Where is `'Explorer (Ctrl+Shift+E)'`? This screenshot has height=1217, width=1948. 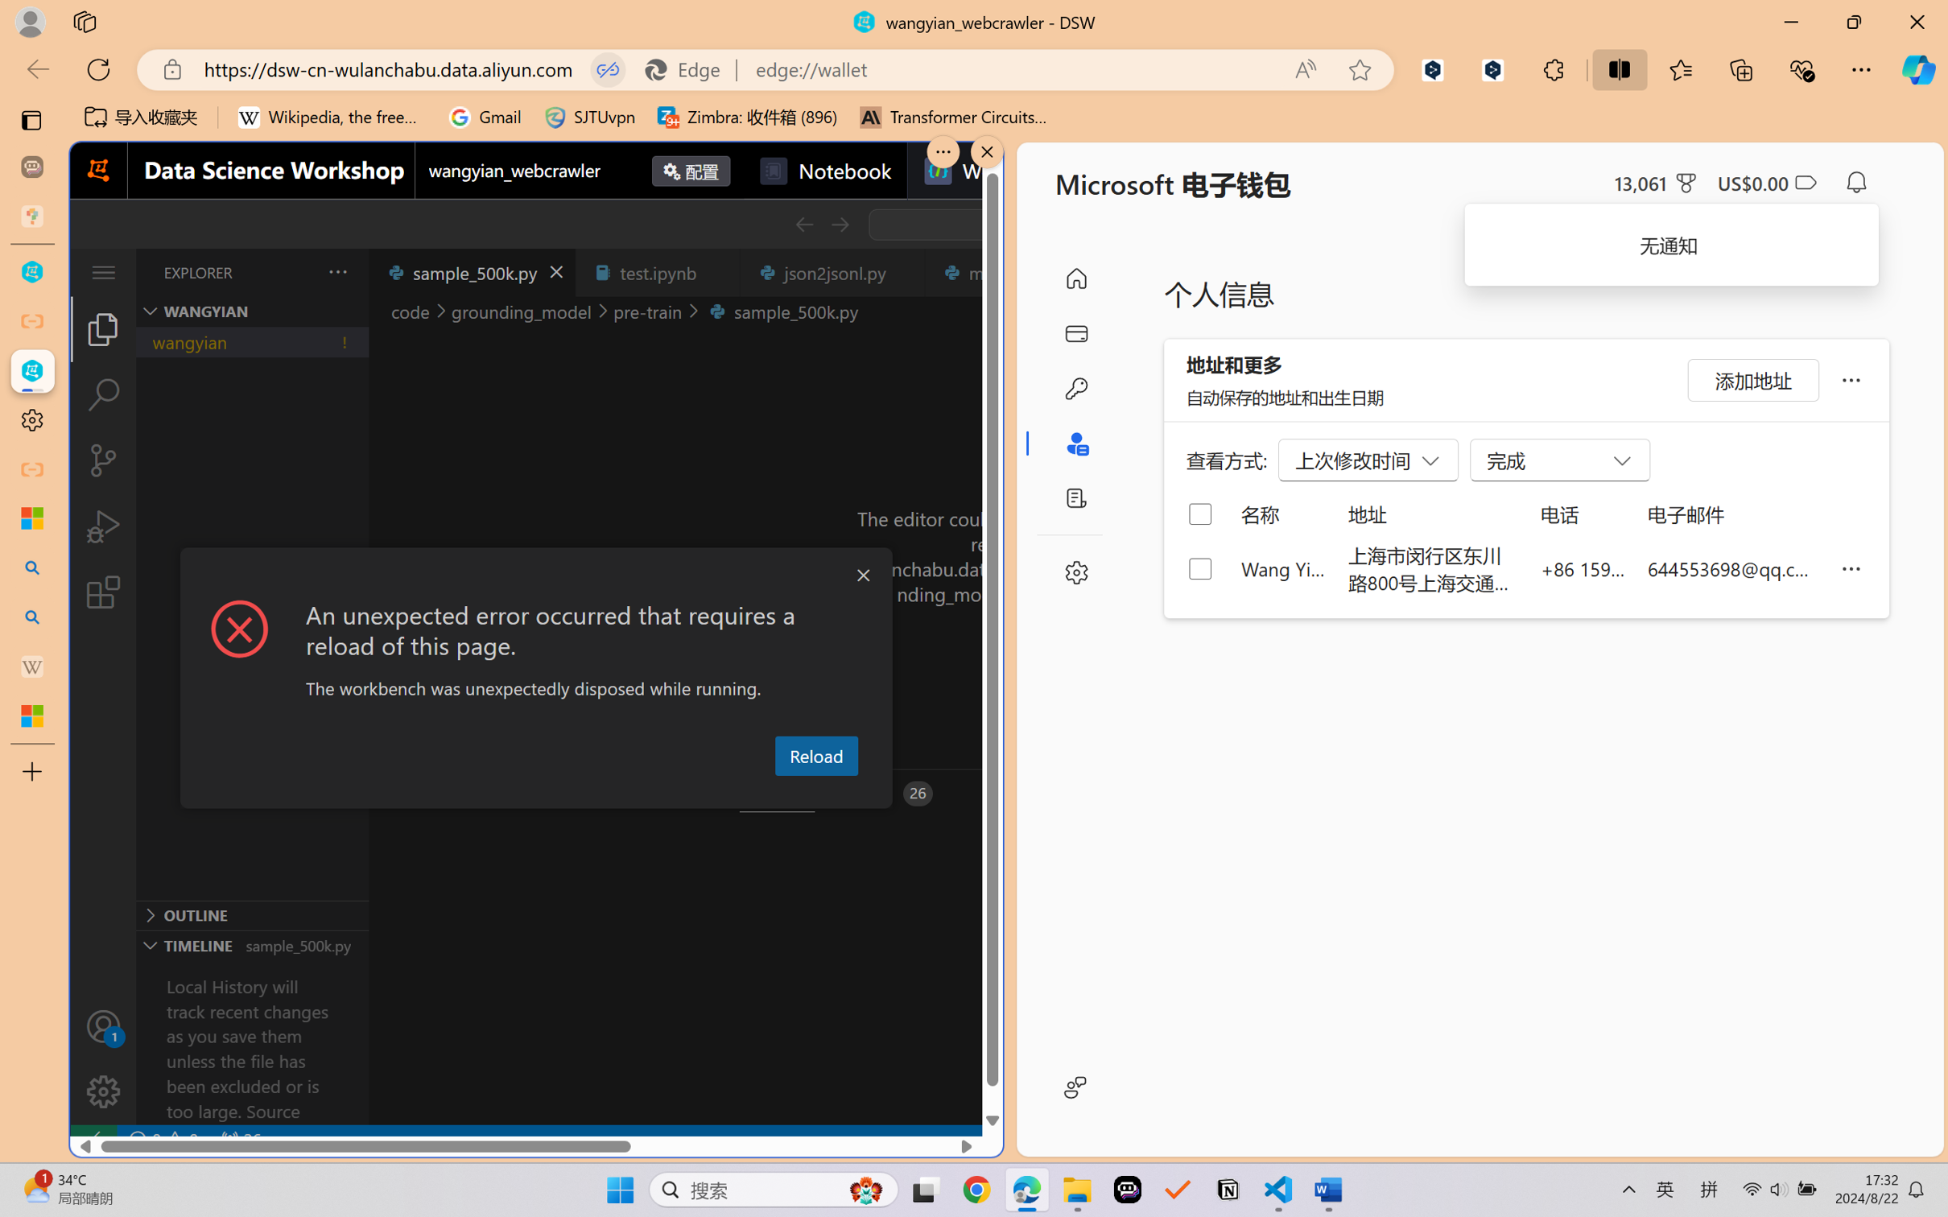 'Explorer (Ctrl+Shift+E)' is located at coordinates (102, 328).